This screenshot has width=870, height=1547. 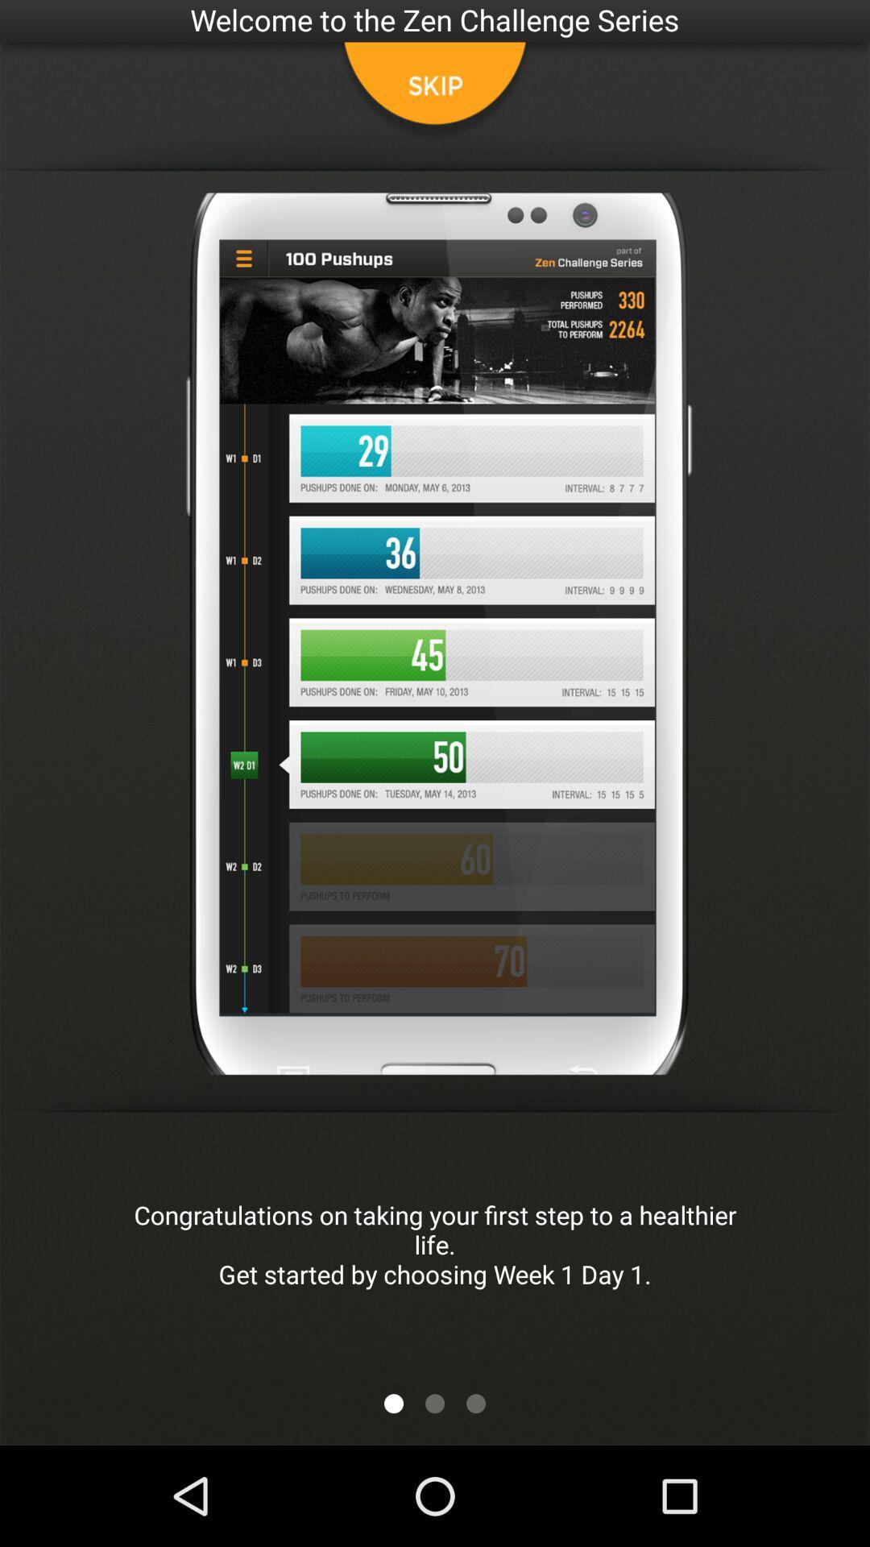 I want to click on the icon below the congratulations on taking app, so click(x=435, y=1403).